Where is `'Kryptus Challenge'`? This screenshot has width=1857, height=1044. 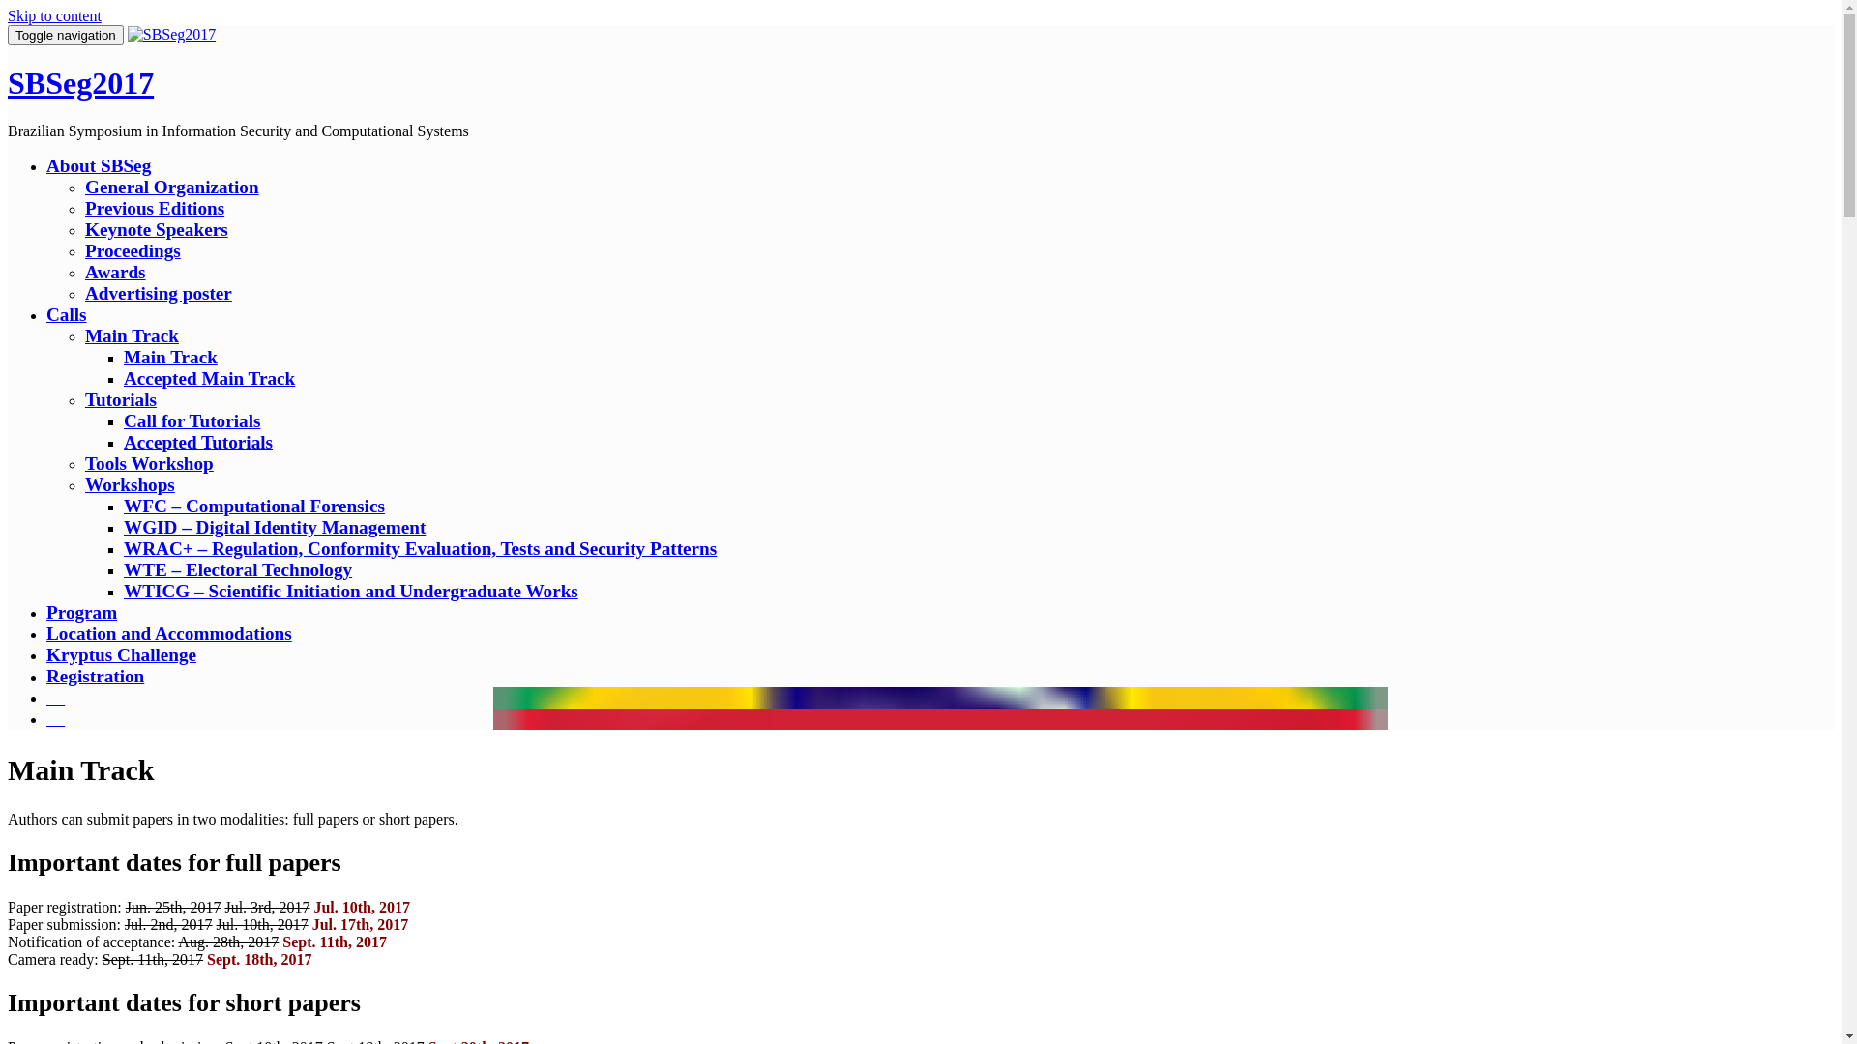 'Kryptus Challenge' is located at coordinates (120, 653).